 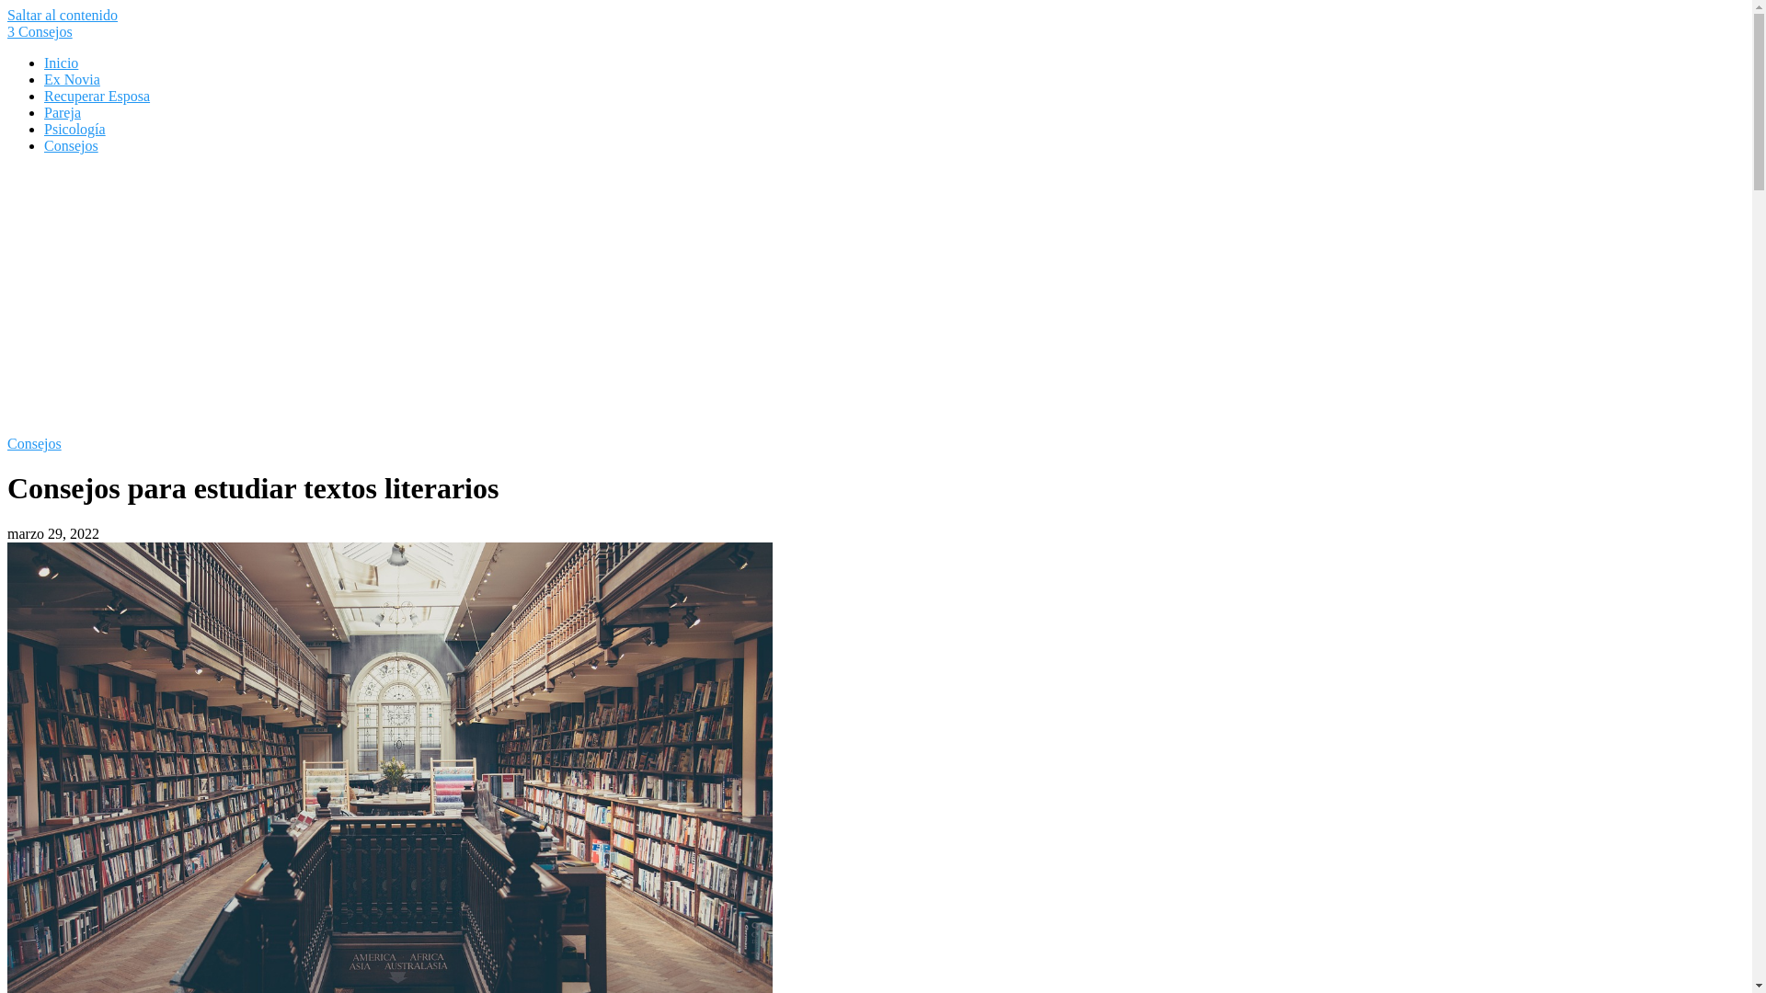 What do you see at coordinates (44, 112) in the screenshot?
I see `'Pareja'` at bounding box center [44, 112].